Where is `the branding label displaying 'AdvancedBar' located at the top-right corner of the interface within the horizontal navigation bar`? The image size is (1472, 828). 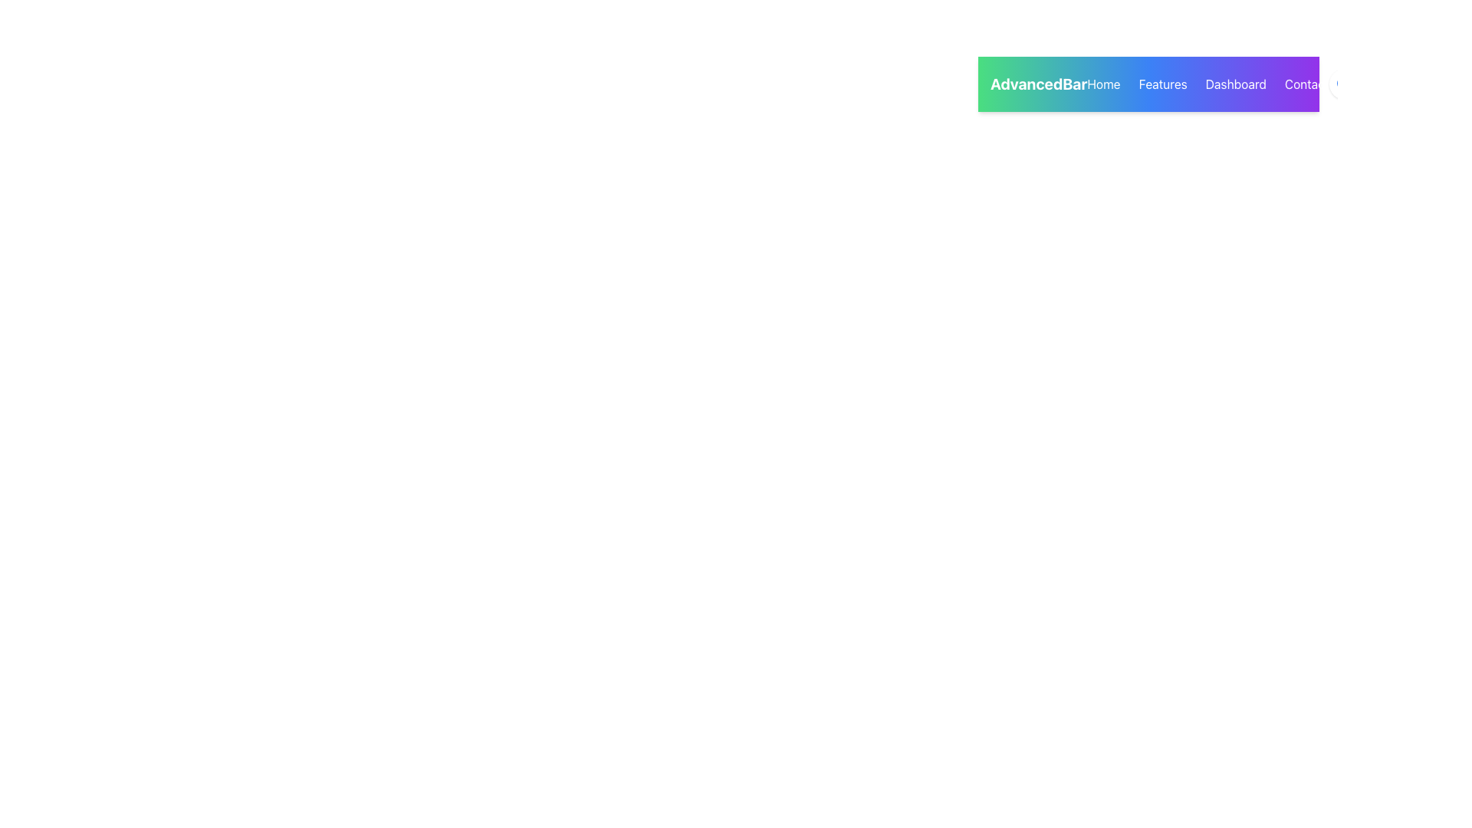 the branding label displaying 'AdvancedBar' located at the top-right corner of the interface within the horizontal navigation bar is located at coordinates (1039, 84).